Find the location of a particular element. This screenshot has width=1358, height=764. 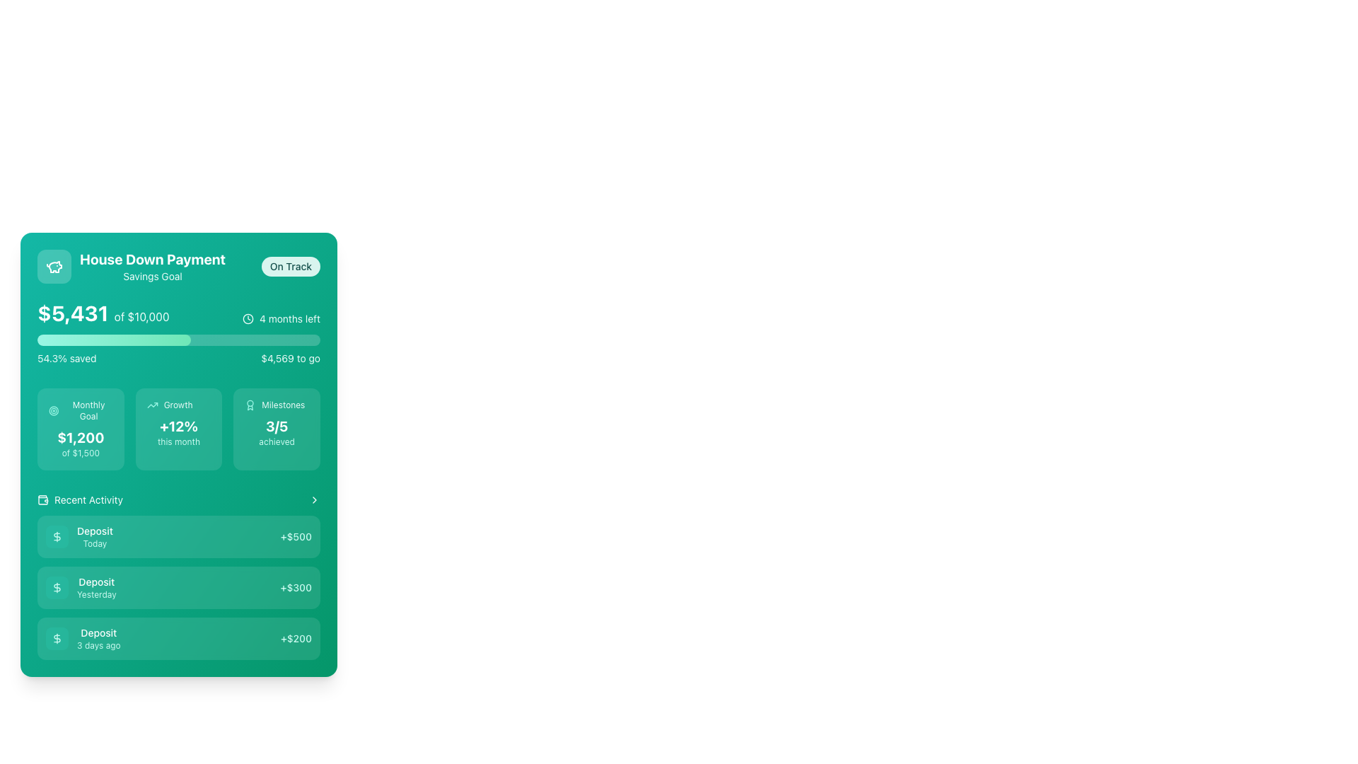

the second list item that provides information about a recent deposit activity from yesterday, located directly under the first 'Deposit' item in the list is located at coordinates (80, 587).